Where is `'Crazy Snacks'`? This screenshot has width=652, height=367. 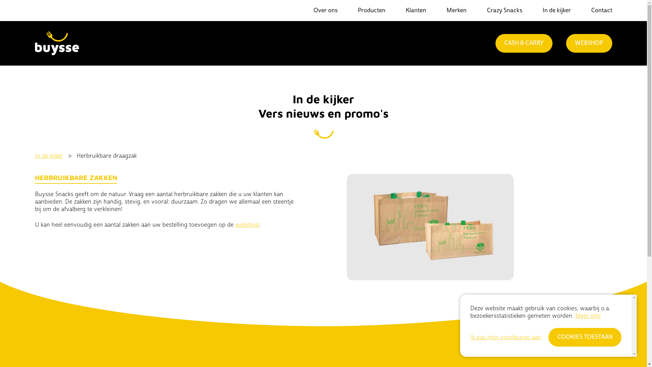 'Crazy Snacks' is located at coordinates (505, 10).